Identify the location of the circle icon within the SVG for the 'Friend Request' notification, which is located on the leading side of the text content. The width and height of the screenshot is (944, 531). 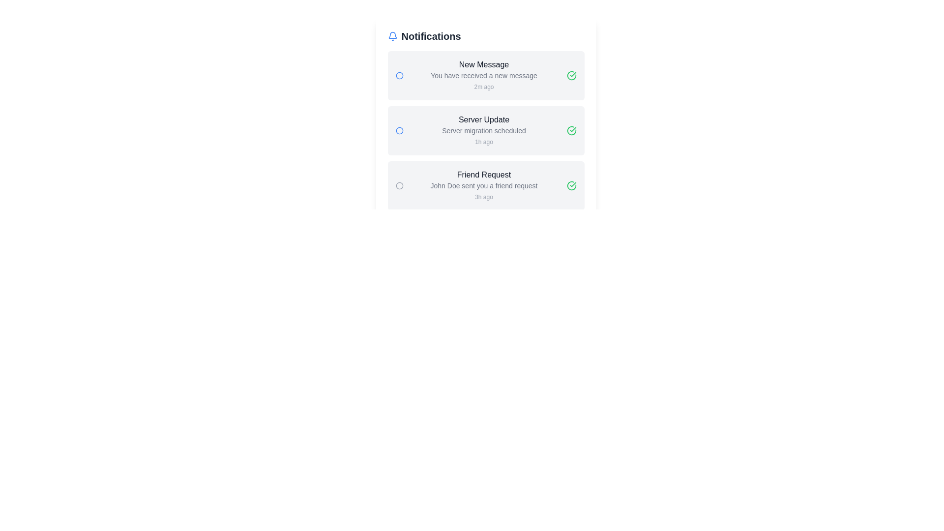
(399, 186).